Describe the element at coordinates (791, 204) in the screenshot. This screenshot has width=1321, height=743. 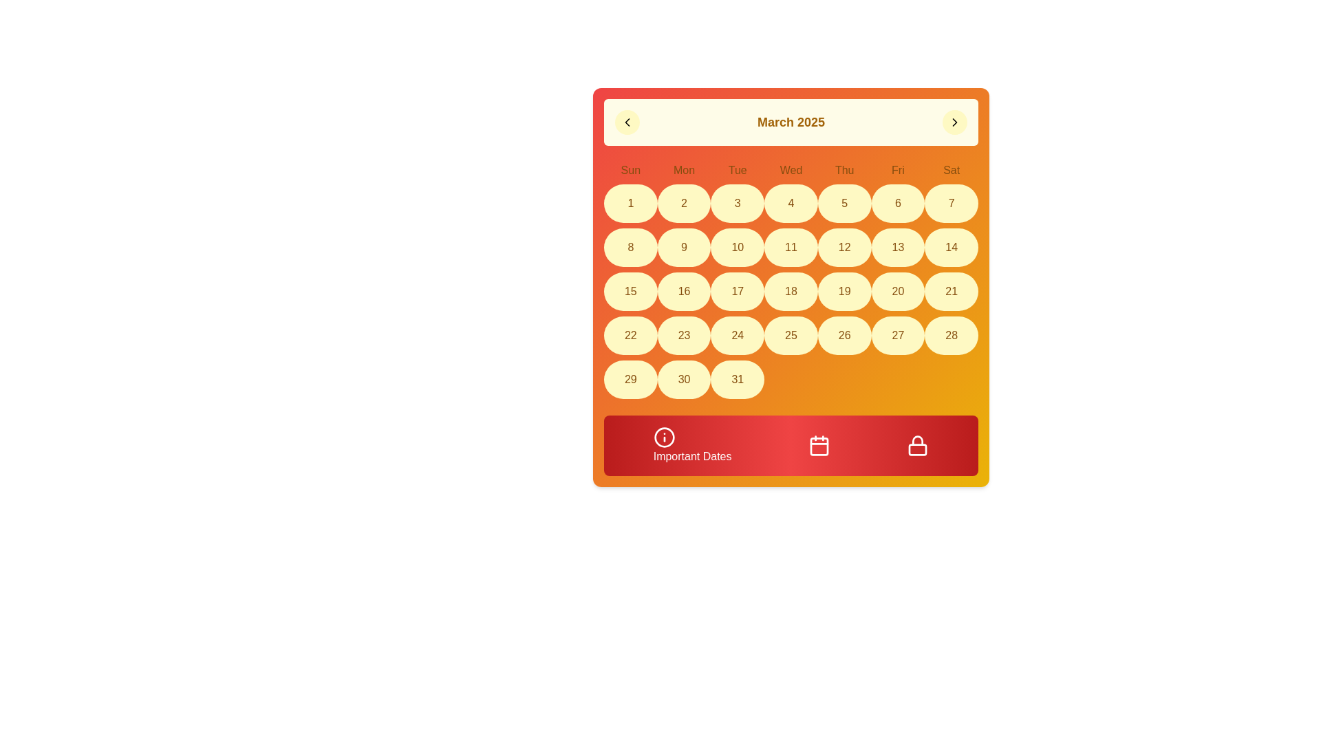
I see `the circular button with a yellow background displaying the number '4', located in the fourth column of the calendar grid beneath 'Wed'` at that location.